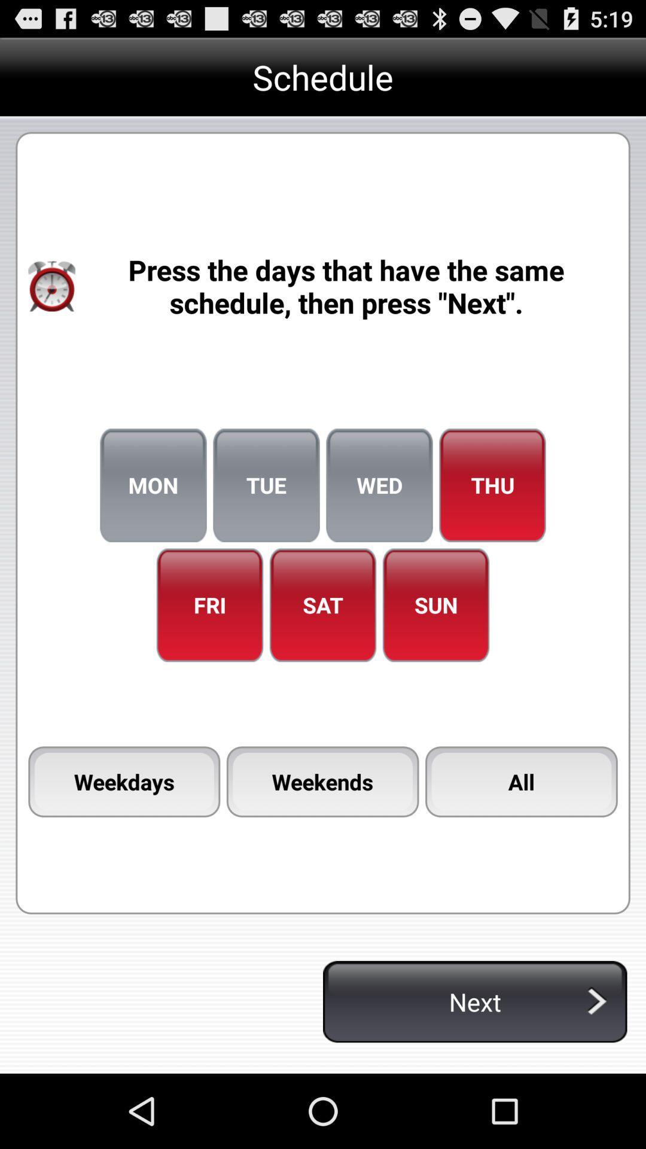 The height and width of the screenshot is (1149, 646). Describe the element at coordinates (323, 605) in the screenshot. I see `sat icon` at that location.